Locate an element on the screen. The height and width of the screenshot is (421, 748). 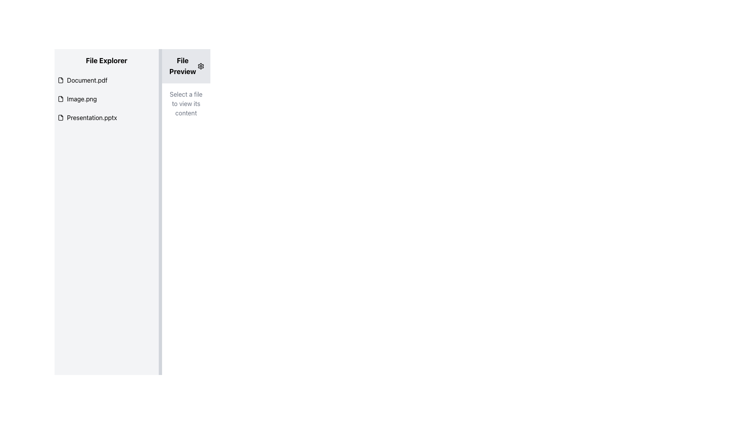
the settings icon of the 'File Preview' label located near the top-right section of the interface to adjust settings is located at coordinates (185, 65).